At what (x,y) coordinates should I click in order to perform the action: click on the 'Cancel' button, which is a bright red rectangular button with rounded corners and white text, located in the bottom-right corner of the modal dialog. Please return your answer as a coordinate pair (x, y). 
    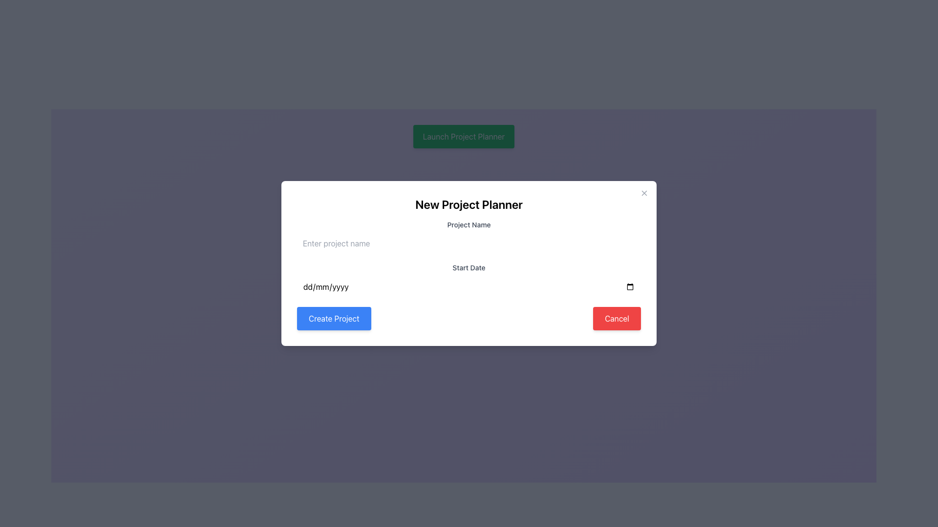
    Looking at the image, I should click on (616, 318).